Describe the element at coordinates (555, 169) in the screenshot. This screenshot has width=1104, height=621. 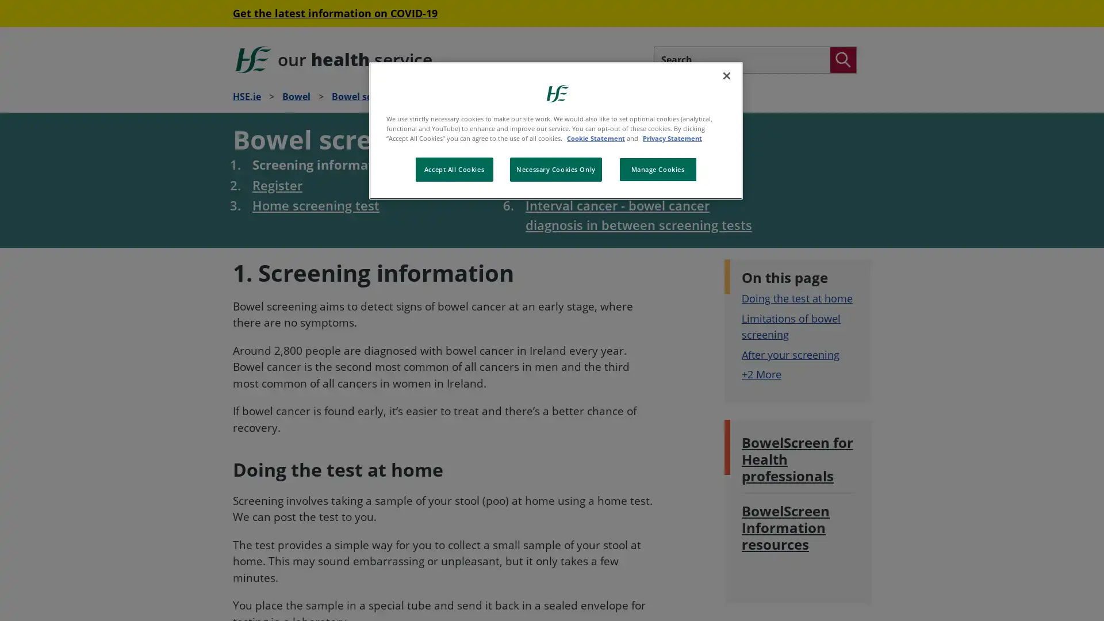
I see `Necessary Cookies Only` at that location.